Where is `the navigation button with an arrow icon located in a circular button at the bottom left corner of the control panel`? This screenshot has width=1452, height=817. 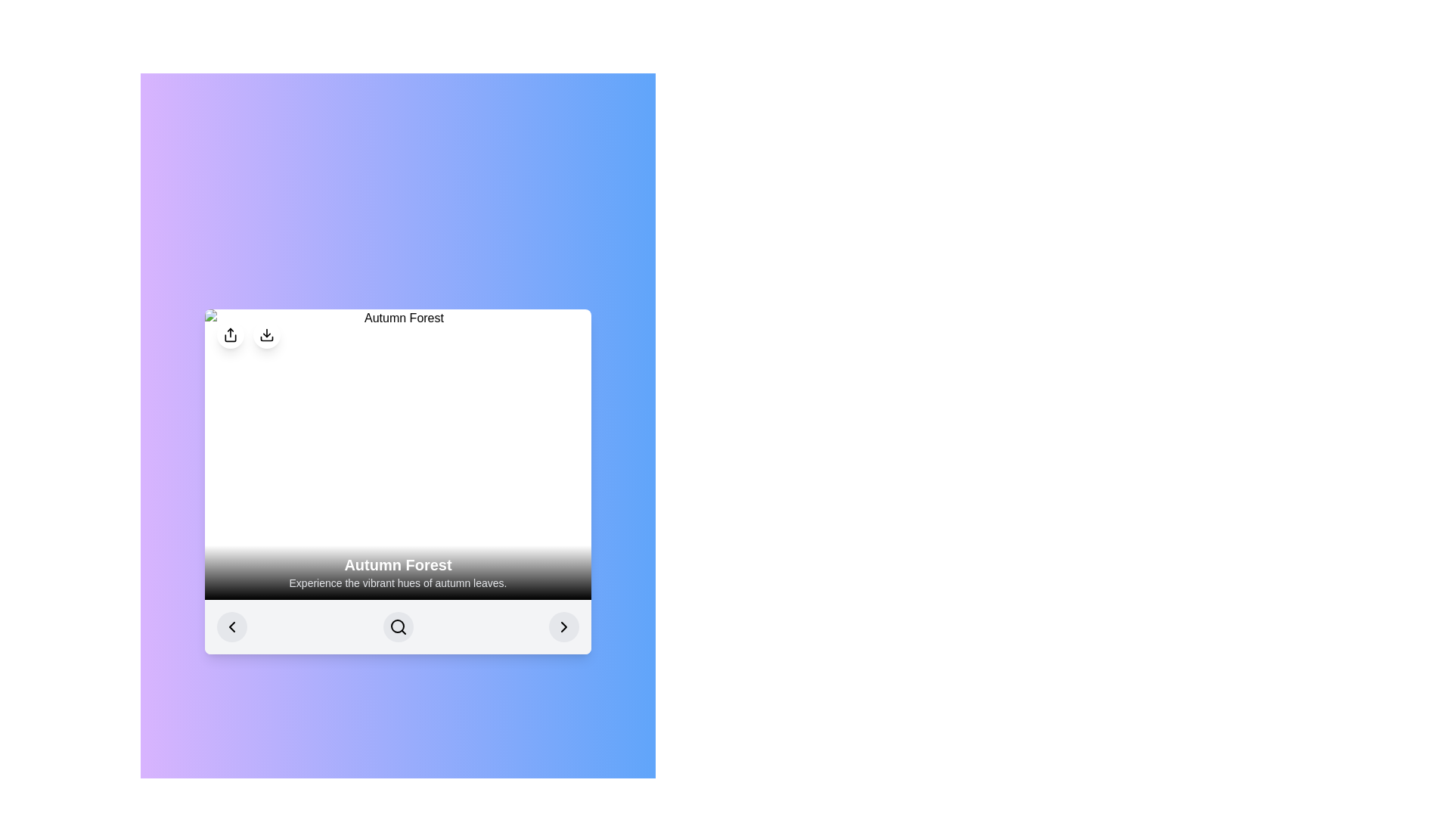 the navigation button with an arrow icon located in a circular button at the bottom left corner of the control panel is located at coordinates (231, 627).